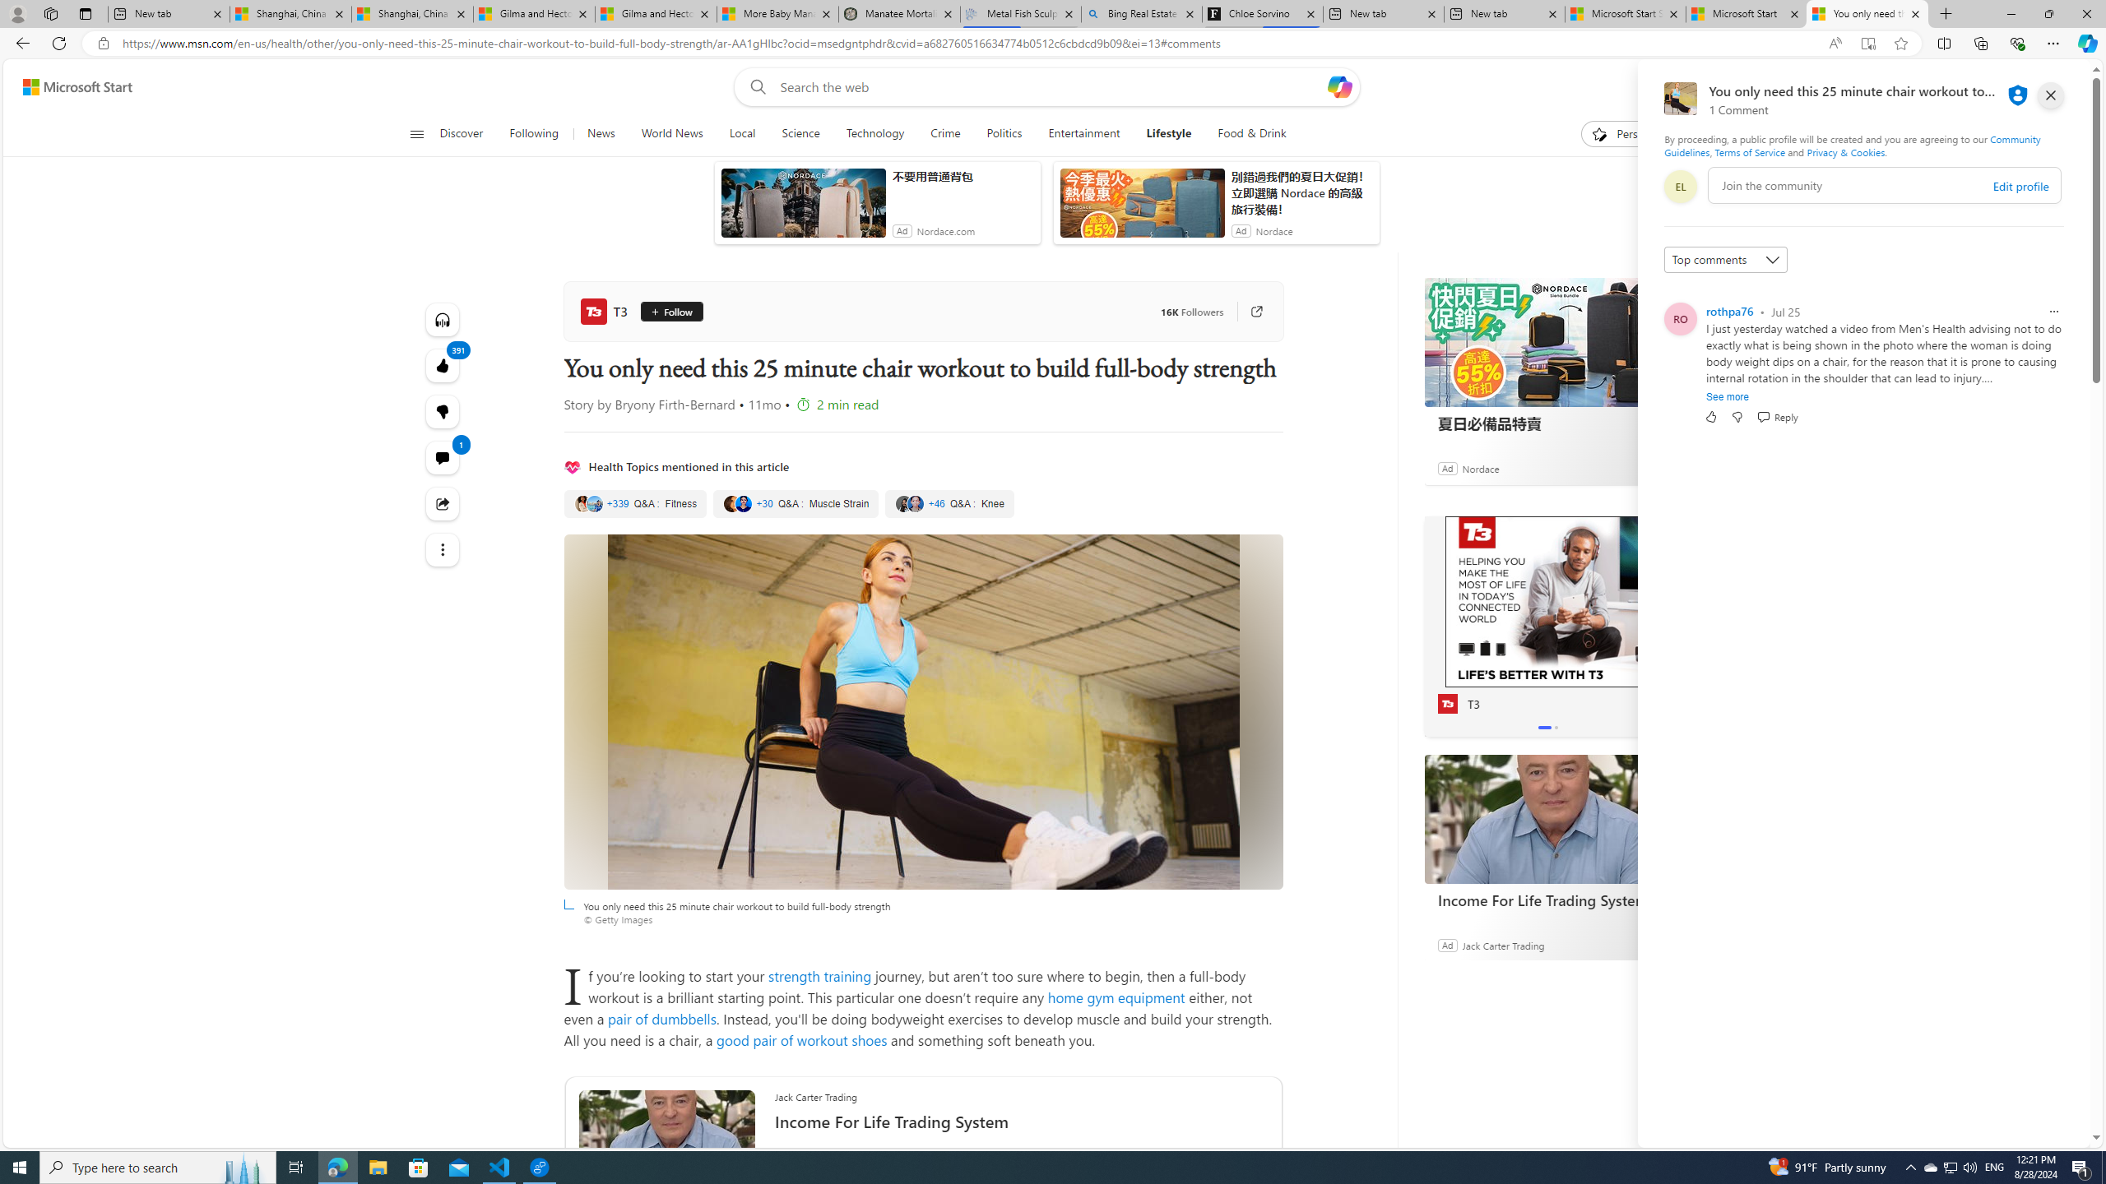  Describe the element at coordinates (1141, 208) in the screenshot. I see `'anim-content'` at that location.